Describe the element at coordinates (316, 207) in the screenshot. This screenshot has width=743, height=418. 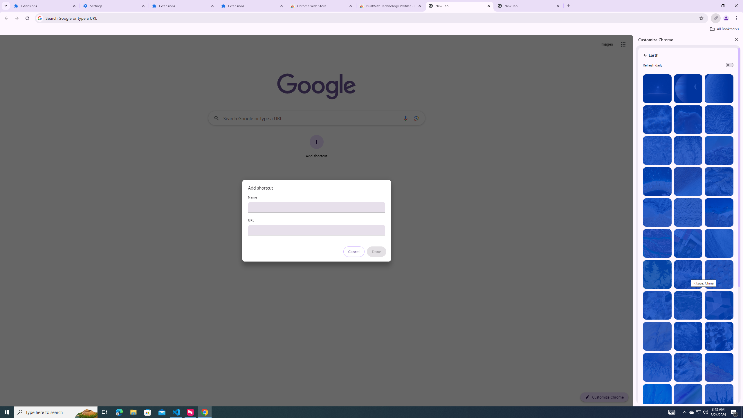
I see `'Name'` at that location.